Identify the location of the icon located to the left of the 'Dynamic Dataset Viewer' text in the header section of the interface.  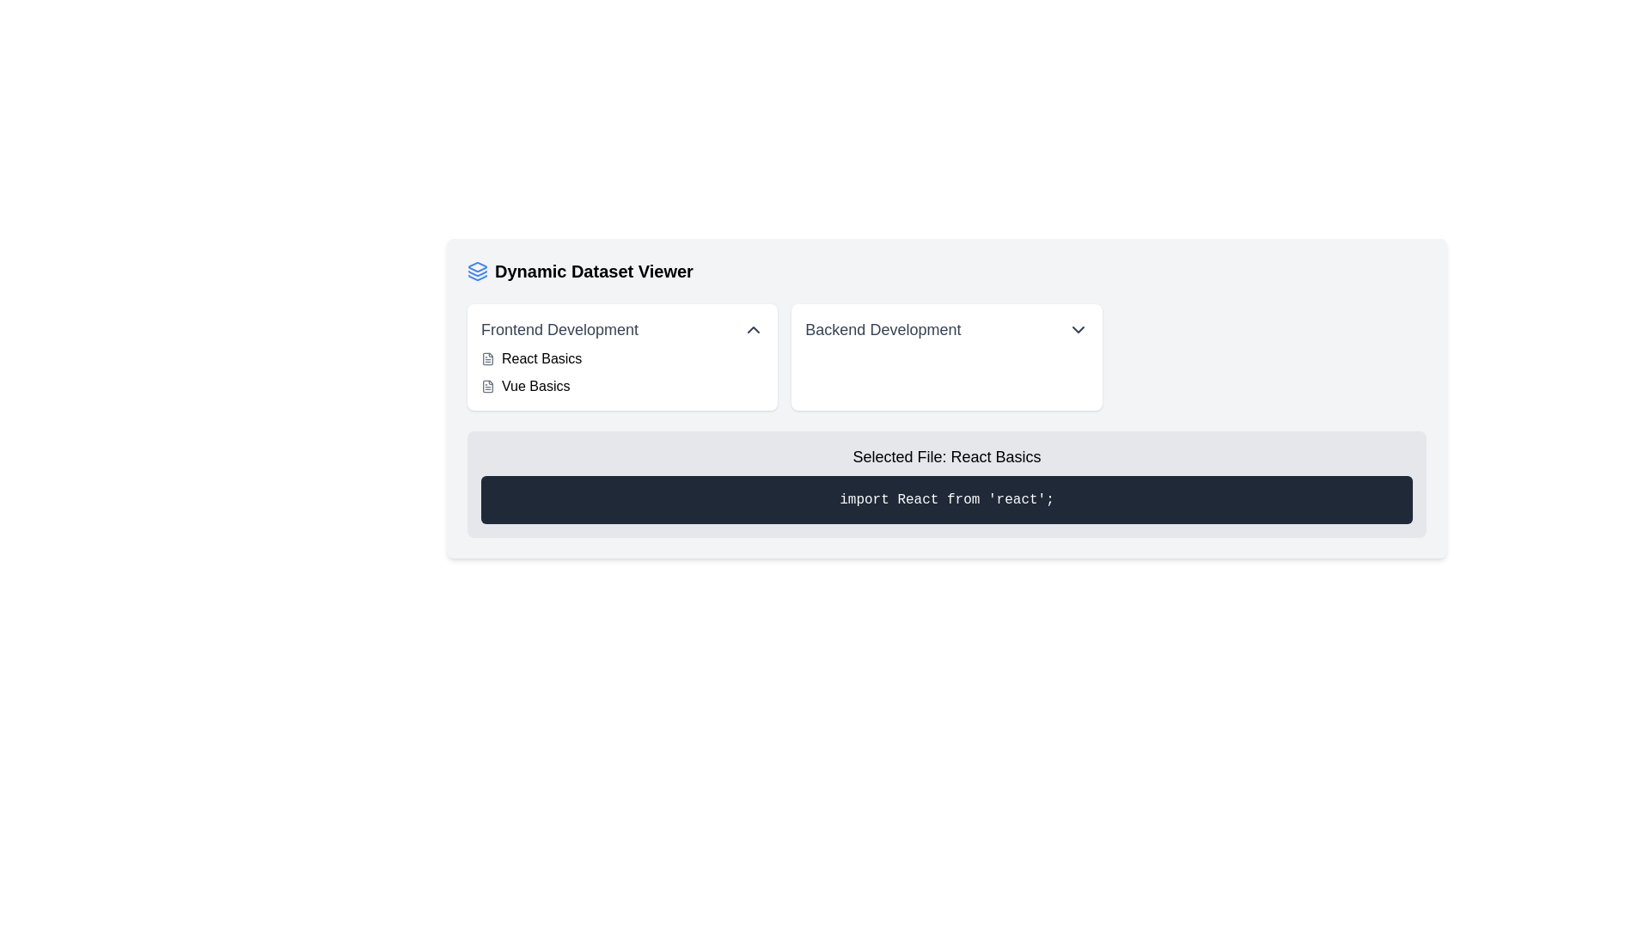
(478, 271).